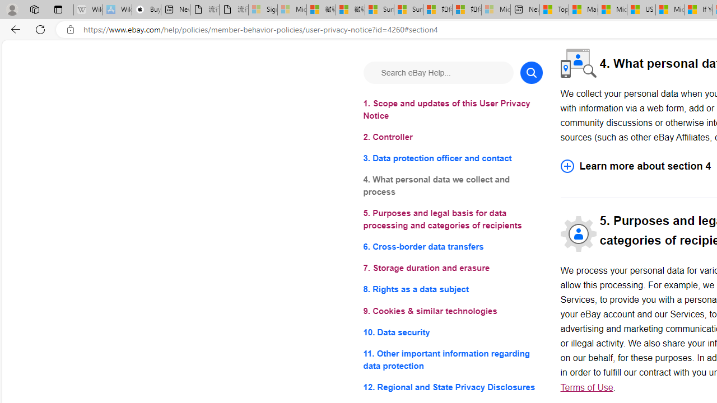 This screenshot has height=403, width=717. Describe the element at coordinates (453, 268) in the screenshot. I see `'7. Storage duration and erasure'` at that location.